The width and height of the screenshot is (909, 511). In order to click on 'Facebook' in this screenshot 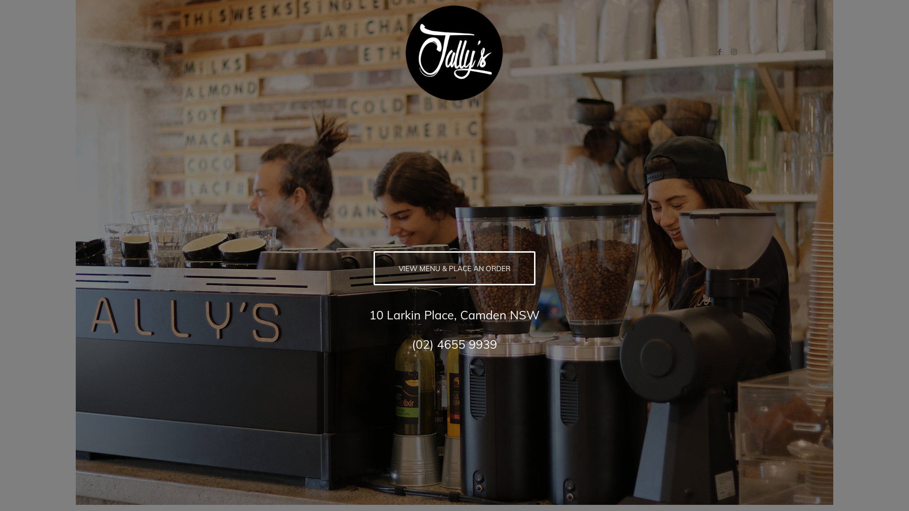, I will do `click(720, 52)`.